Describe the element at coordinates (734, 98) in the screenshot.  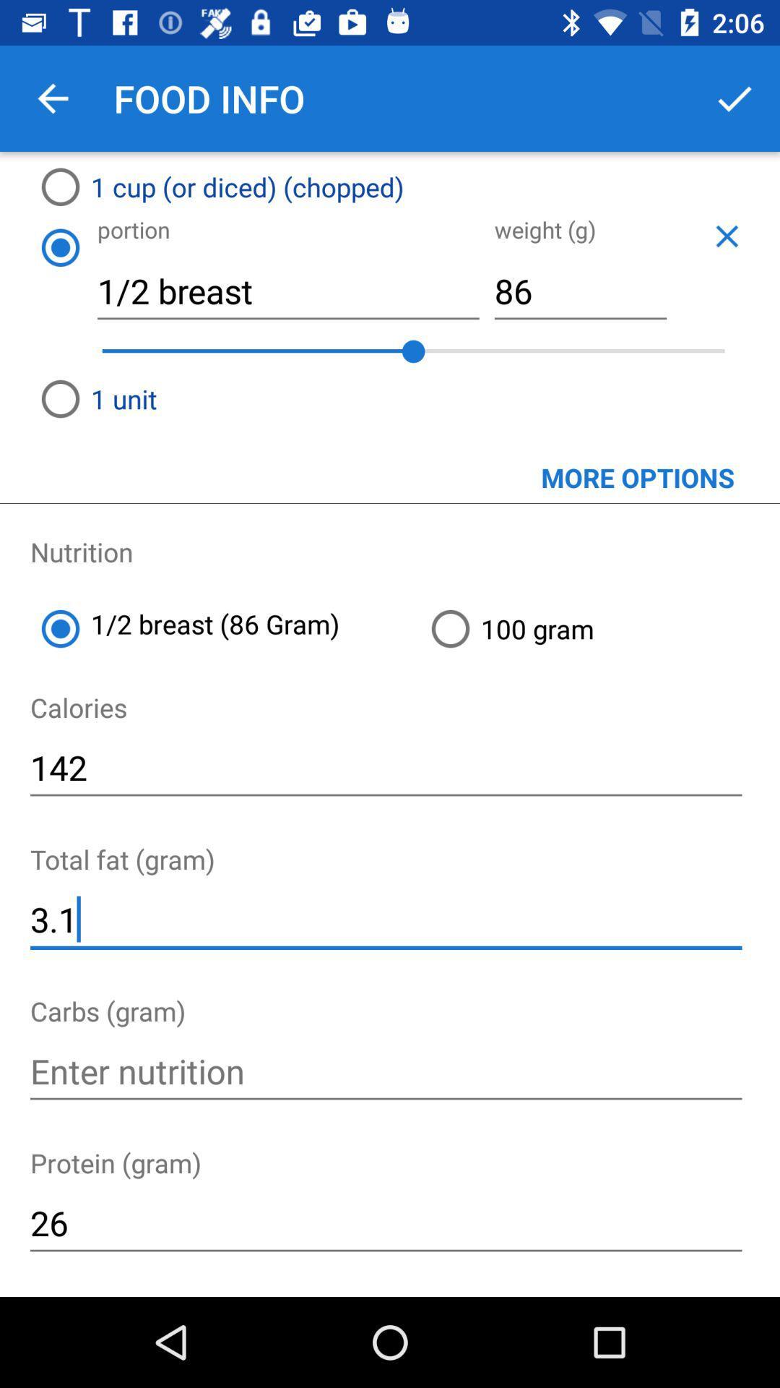
I see `switch tick option` at that location.